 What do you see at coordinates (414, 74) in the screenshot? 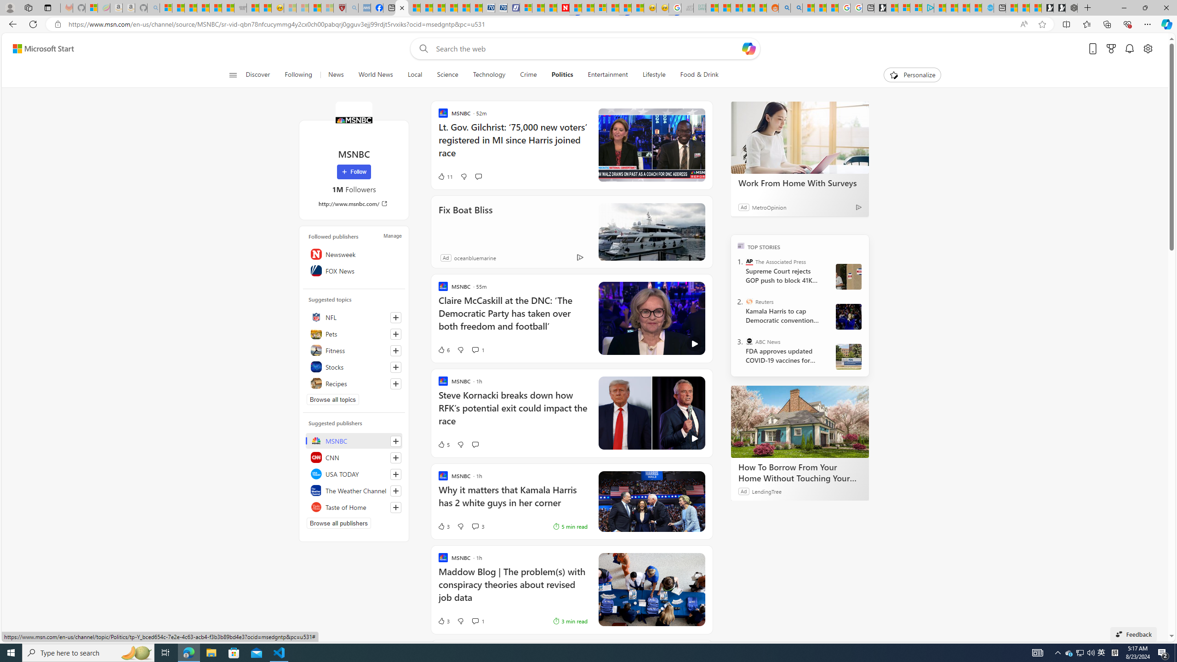
I see `'Local'` at bounding box center [414, 74].